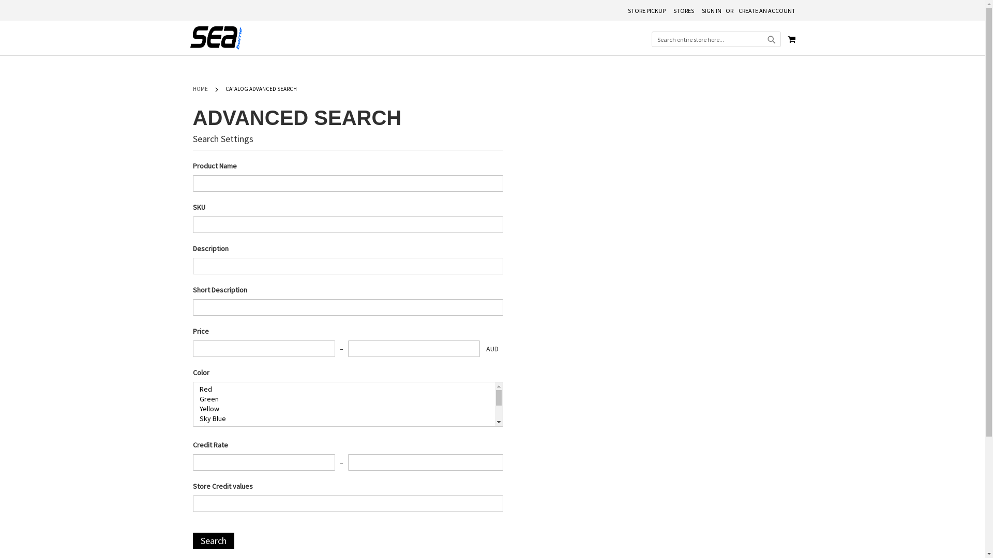  What do you see at coordinates (348, 266) in the screenshot?
I see `'Description'` at bounding box center [348, 266].